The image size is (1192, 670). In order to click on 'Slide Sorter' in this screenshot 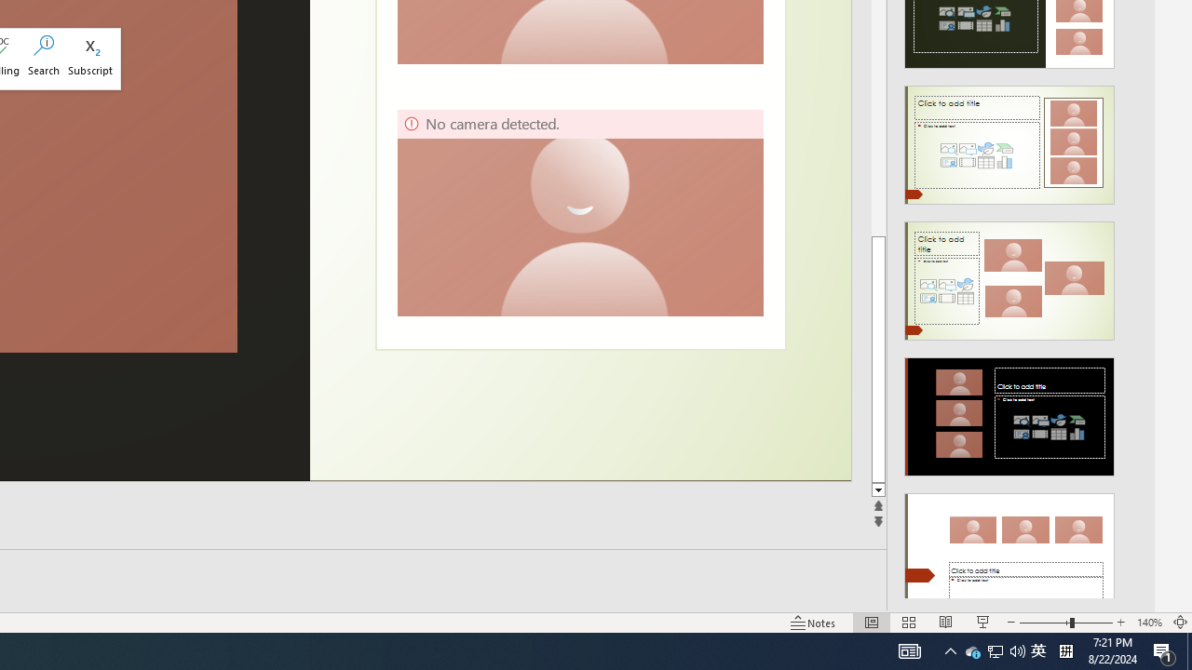, I will do `click(909, 623)`.